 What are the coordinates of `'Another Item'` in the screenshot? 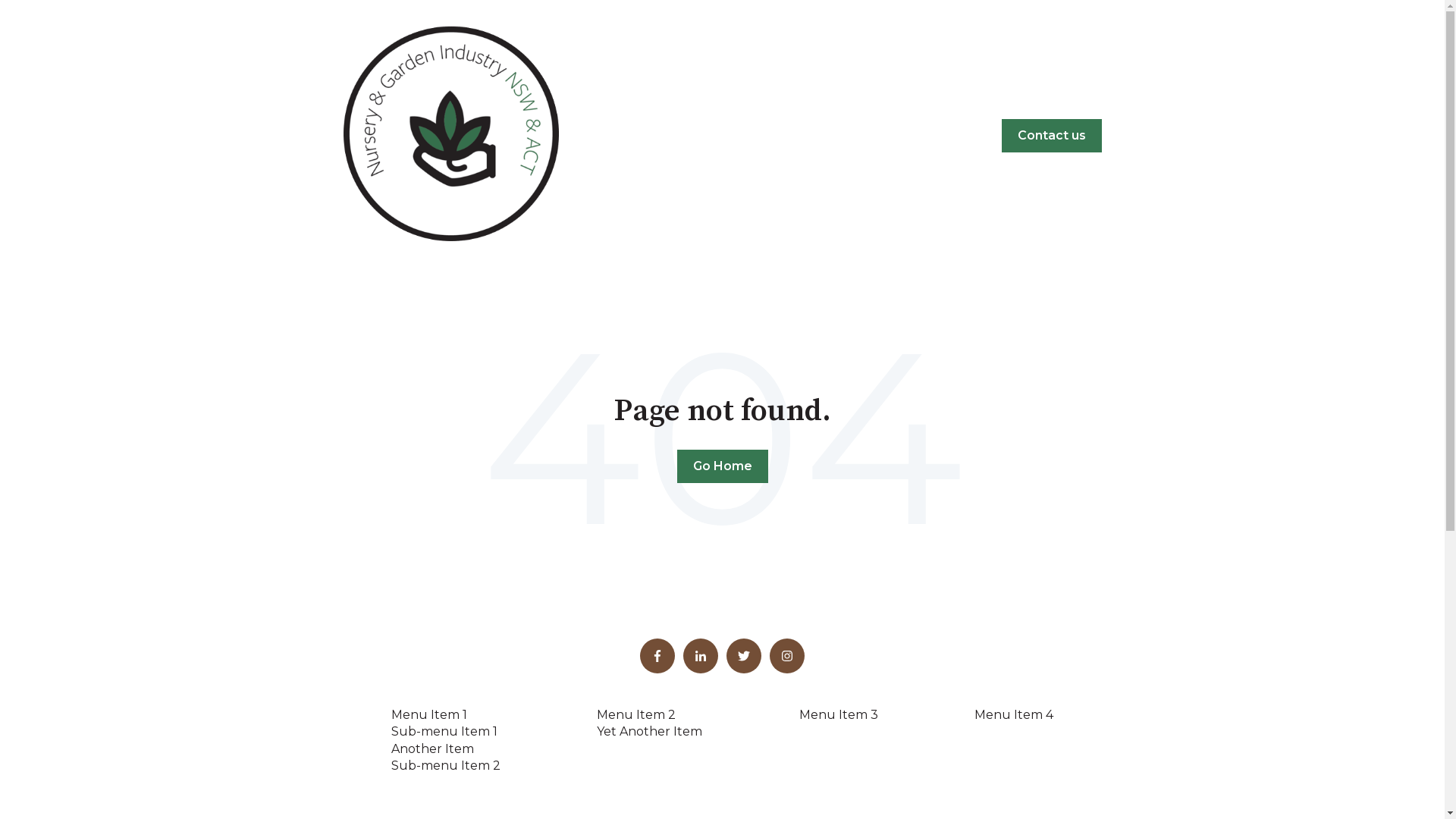 It's located at (431, 748).